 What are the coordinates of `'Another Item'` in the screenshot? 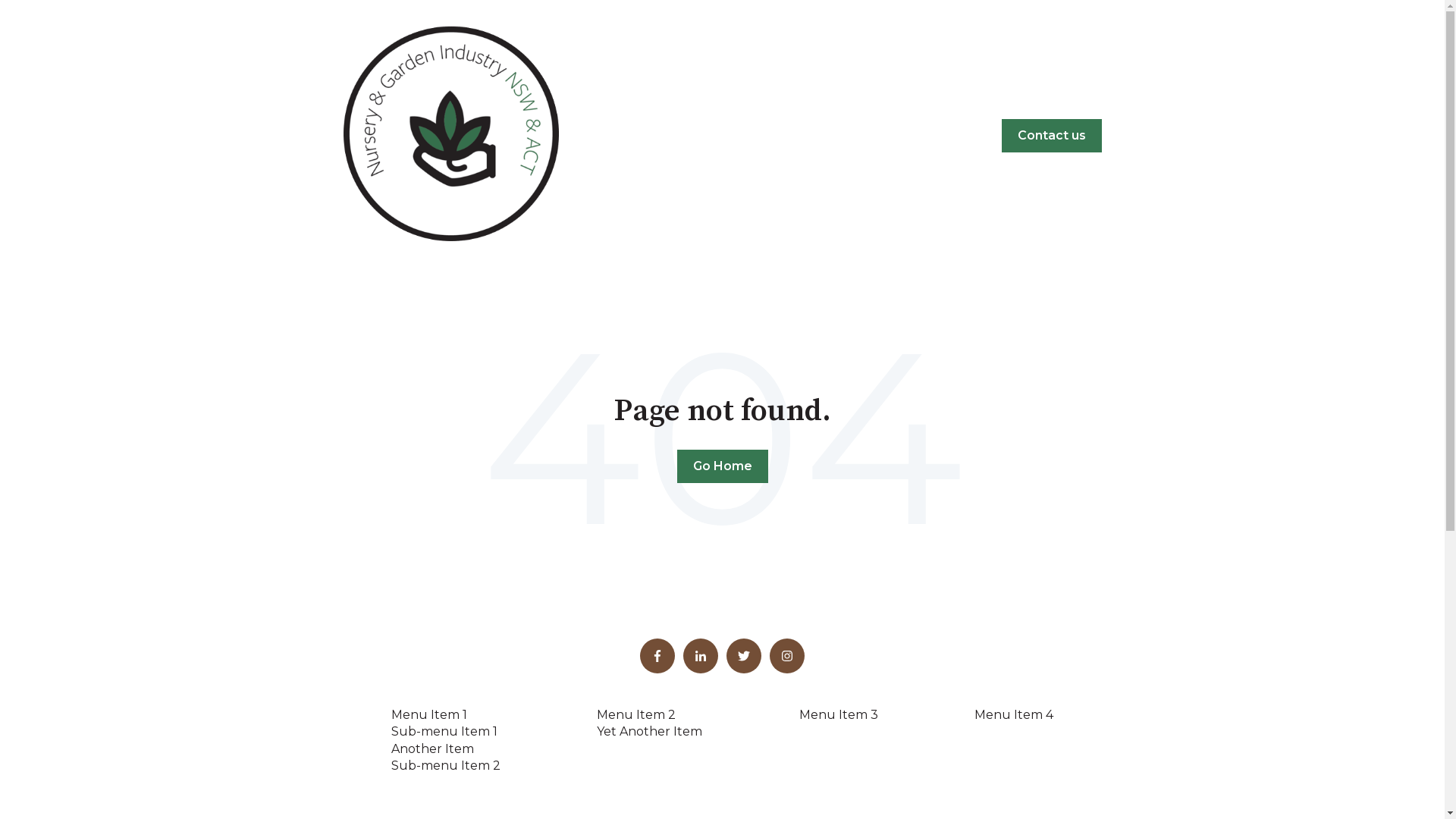 It's located at (431, 748).